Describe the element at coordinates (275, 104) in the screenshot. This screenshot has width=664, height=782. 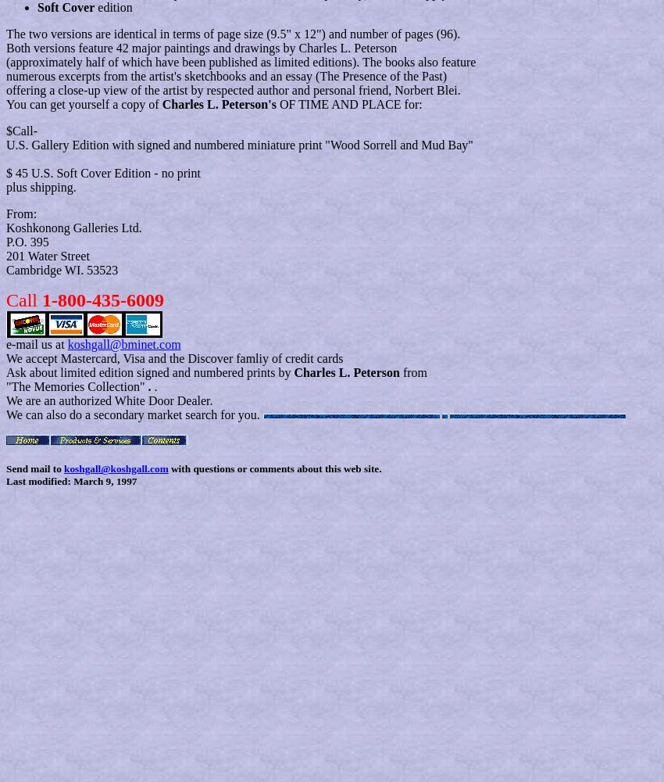
I see `'OF
TIME AND PLACE for:'` at that location.